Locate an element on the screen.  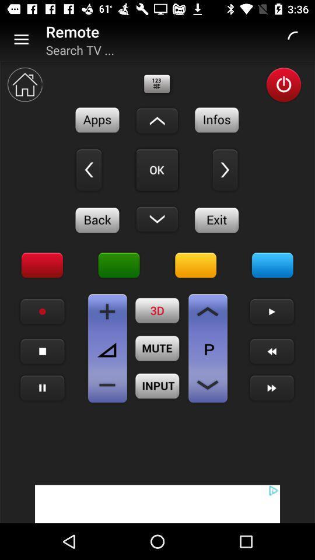
channel down button is located at coordinates (207, 384).